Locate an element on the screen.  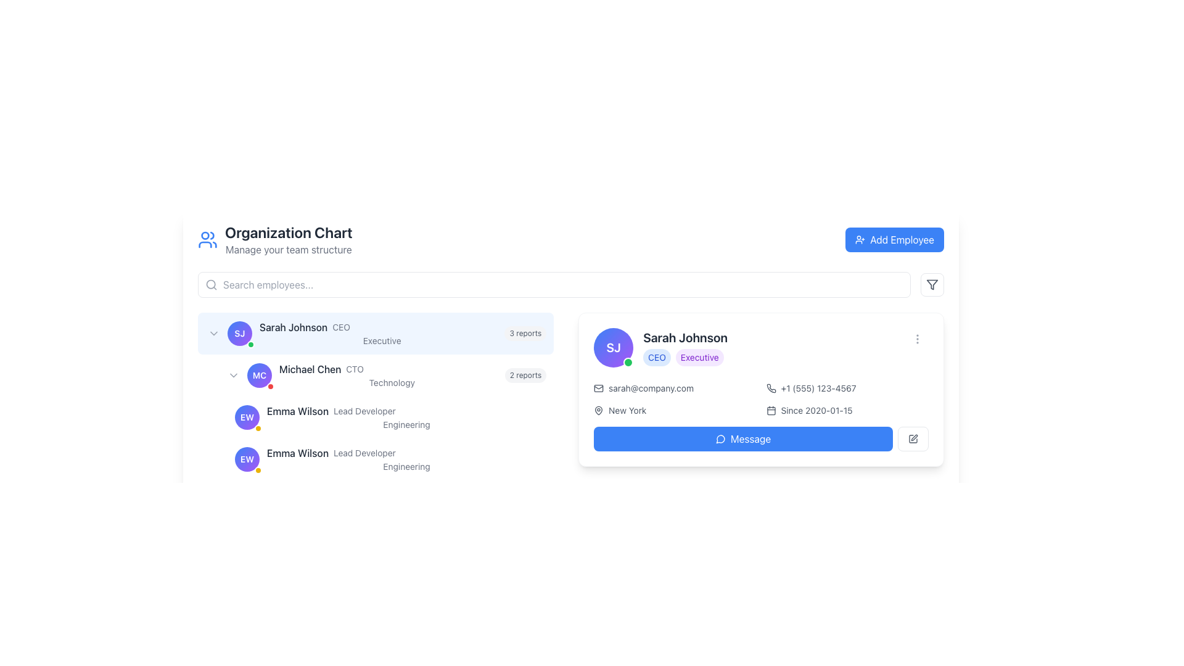
the edit icon located in the bottom-right corner of the user information card is located at coordinates (915, 437).